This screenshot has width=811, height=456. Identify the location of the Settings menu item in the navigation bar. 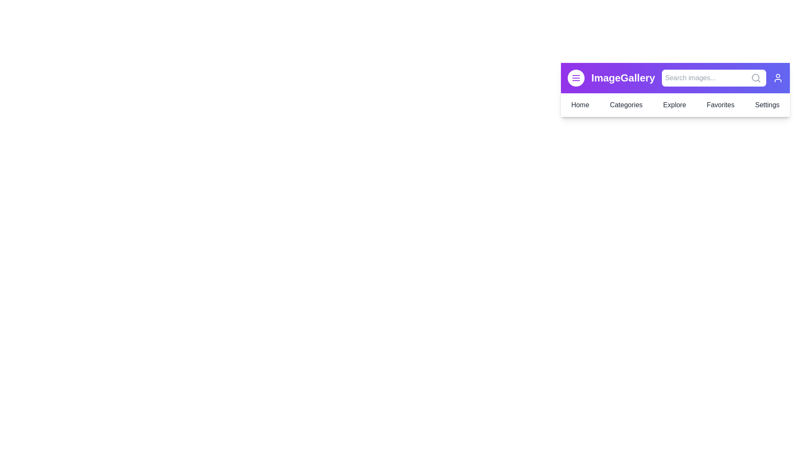
(767, 105).